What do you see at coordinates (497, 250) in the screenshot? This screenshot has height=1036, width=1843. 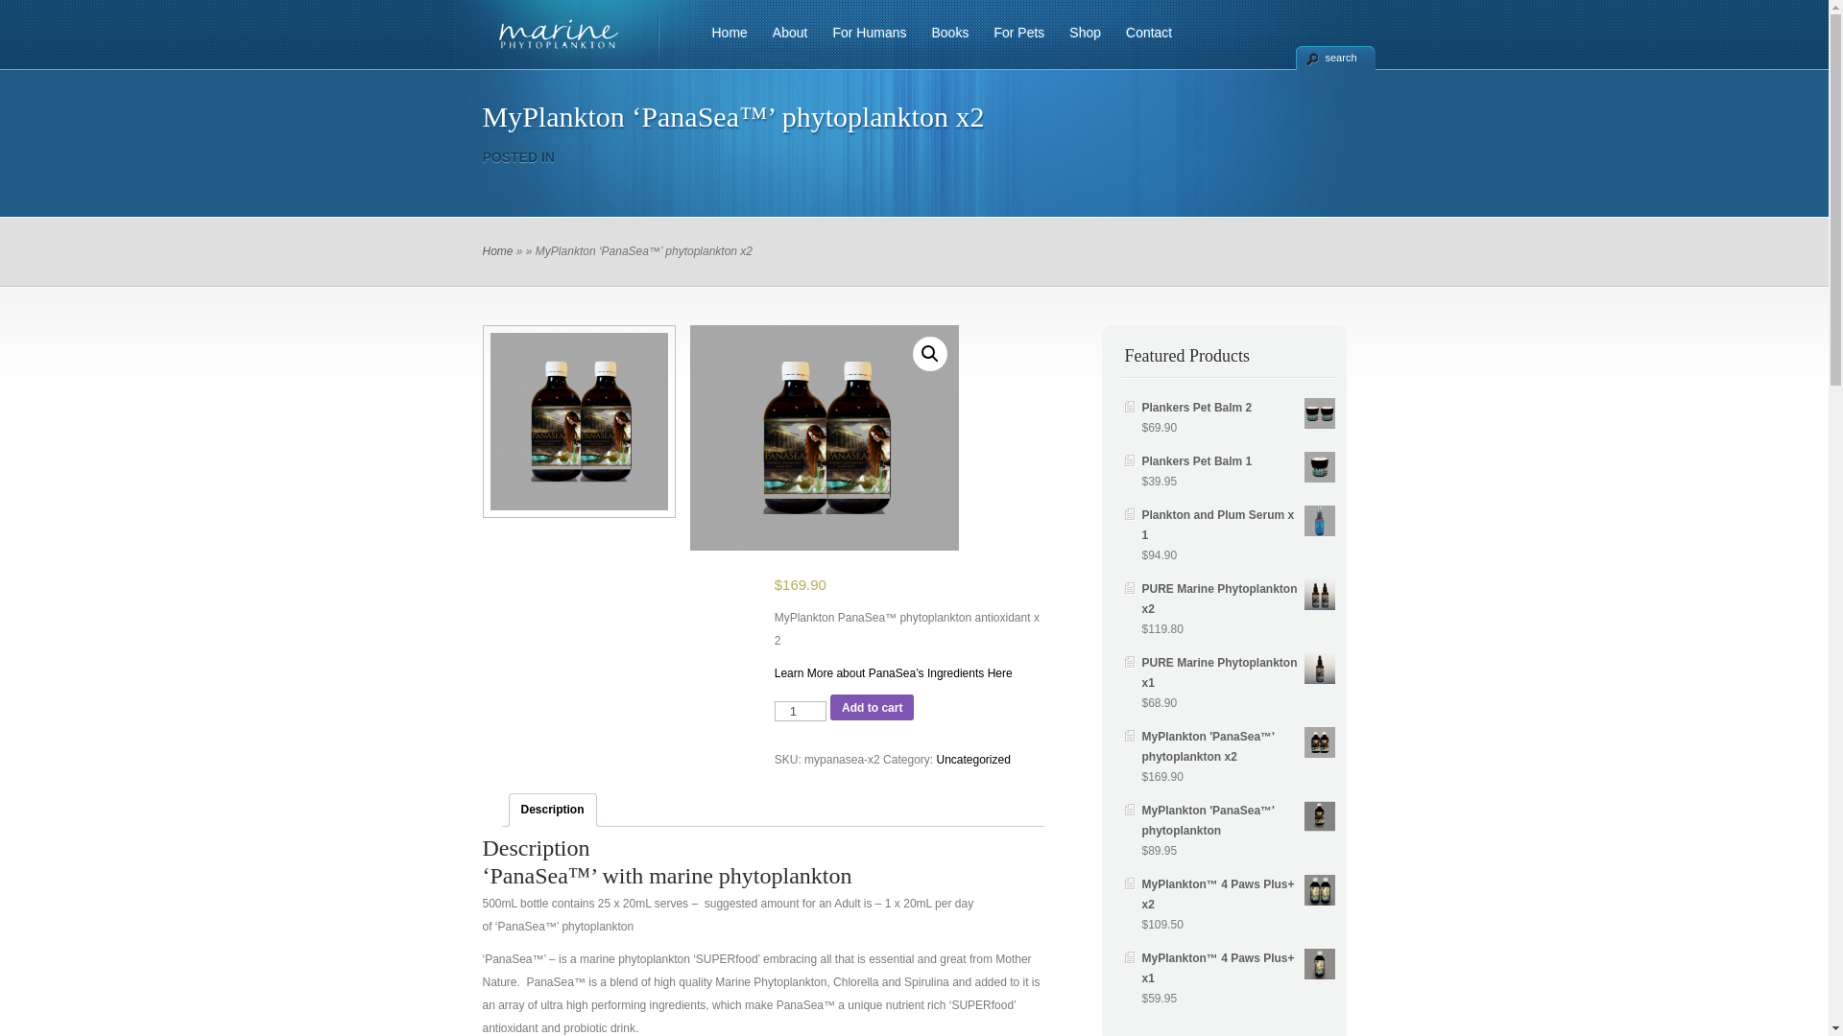 I see `'Home'` at bounding box center [497, 250].